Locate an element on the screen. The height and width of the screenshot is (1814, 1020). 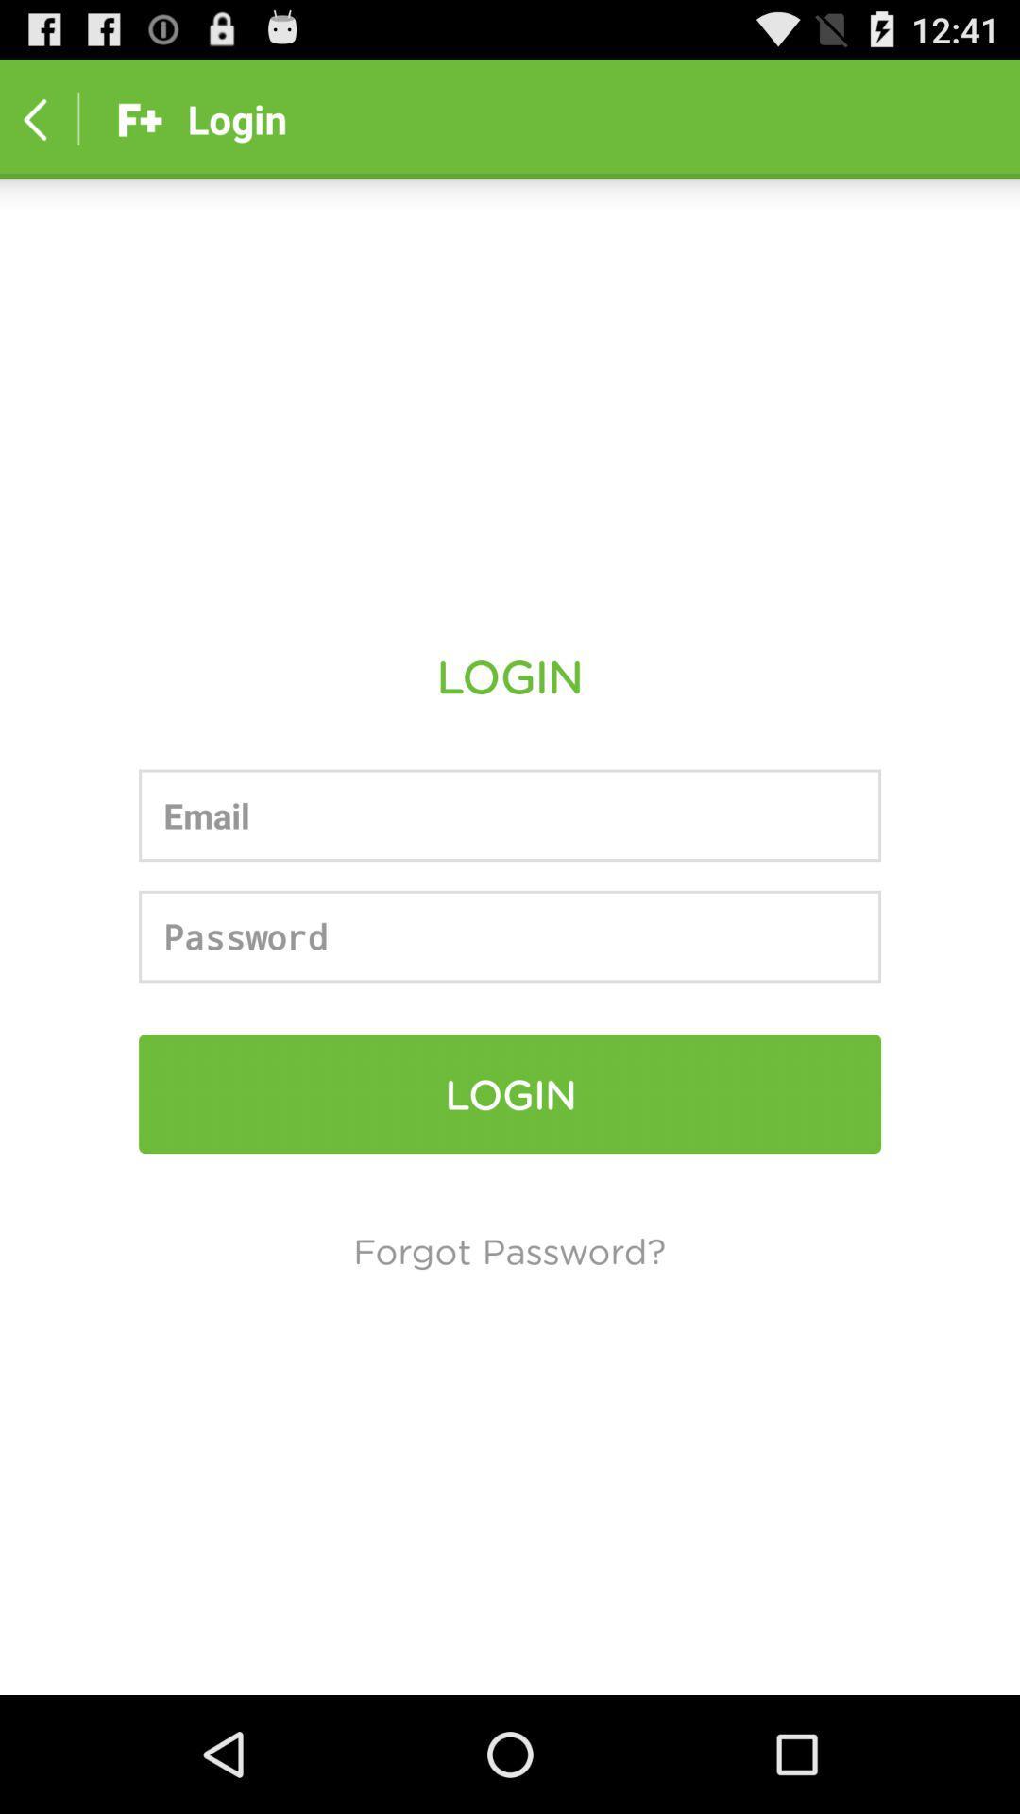
password is located at coordinates (510, 936).